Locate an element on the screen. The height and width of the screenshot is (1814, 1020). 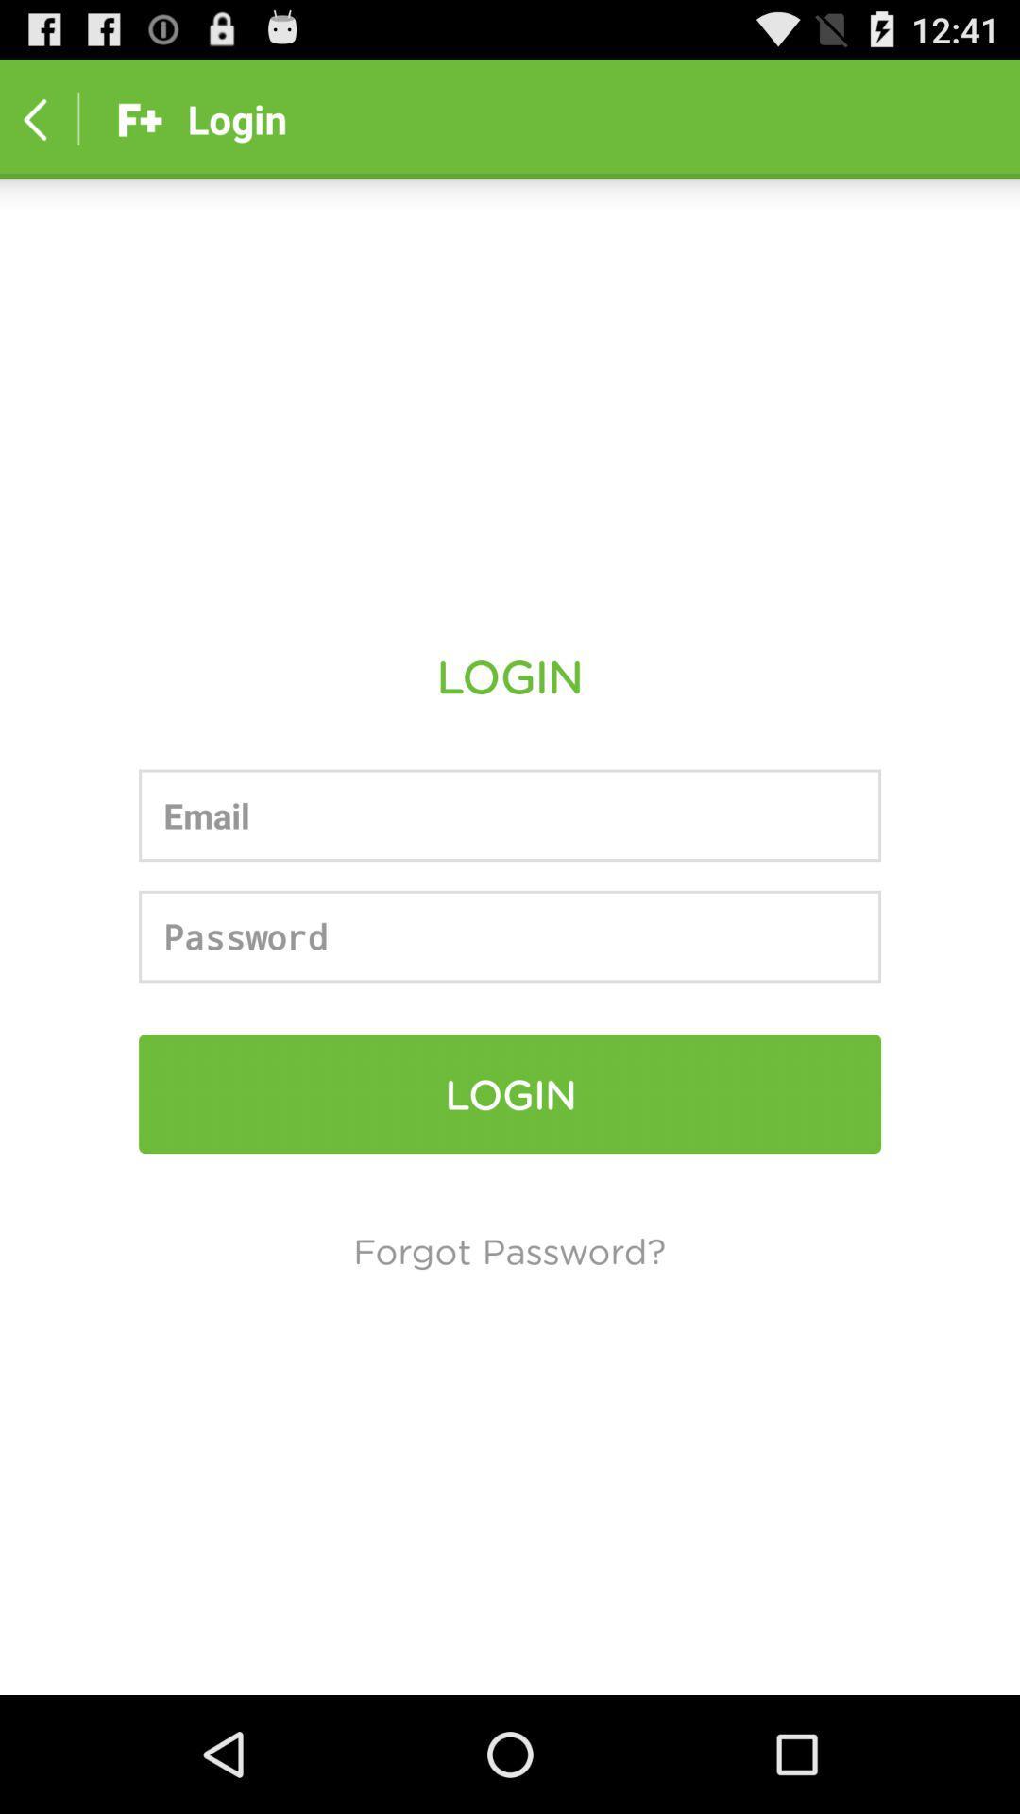
password is located at coordinates (510, 936).